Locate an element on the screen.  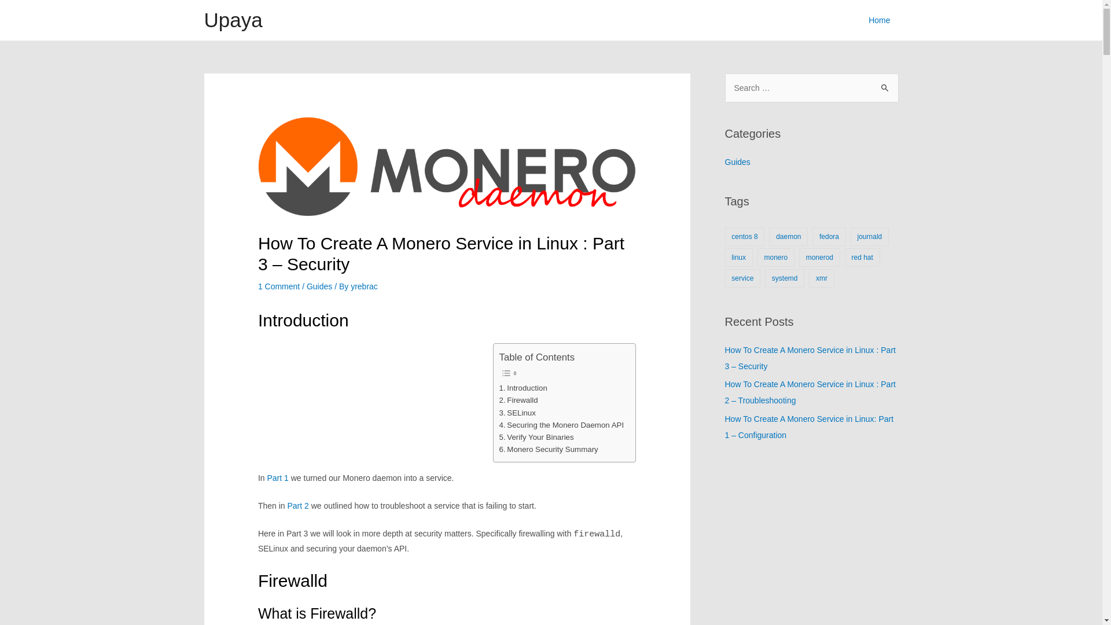
'monerod' is located at coordinates (819, 256).